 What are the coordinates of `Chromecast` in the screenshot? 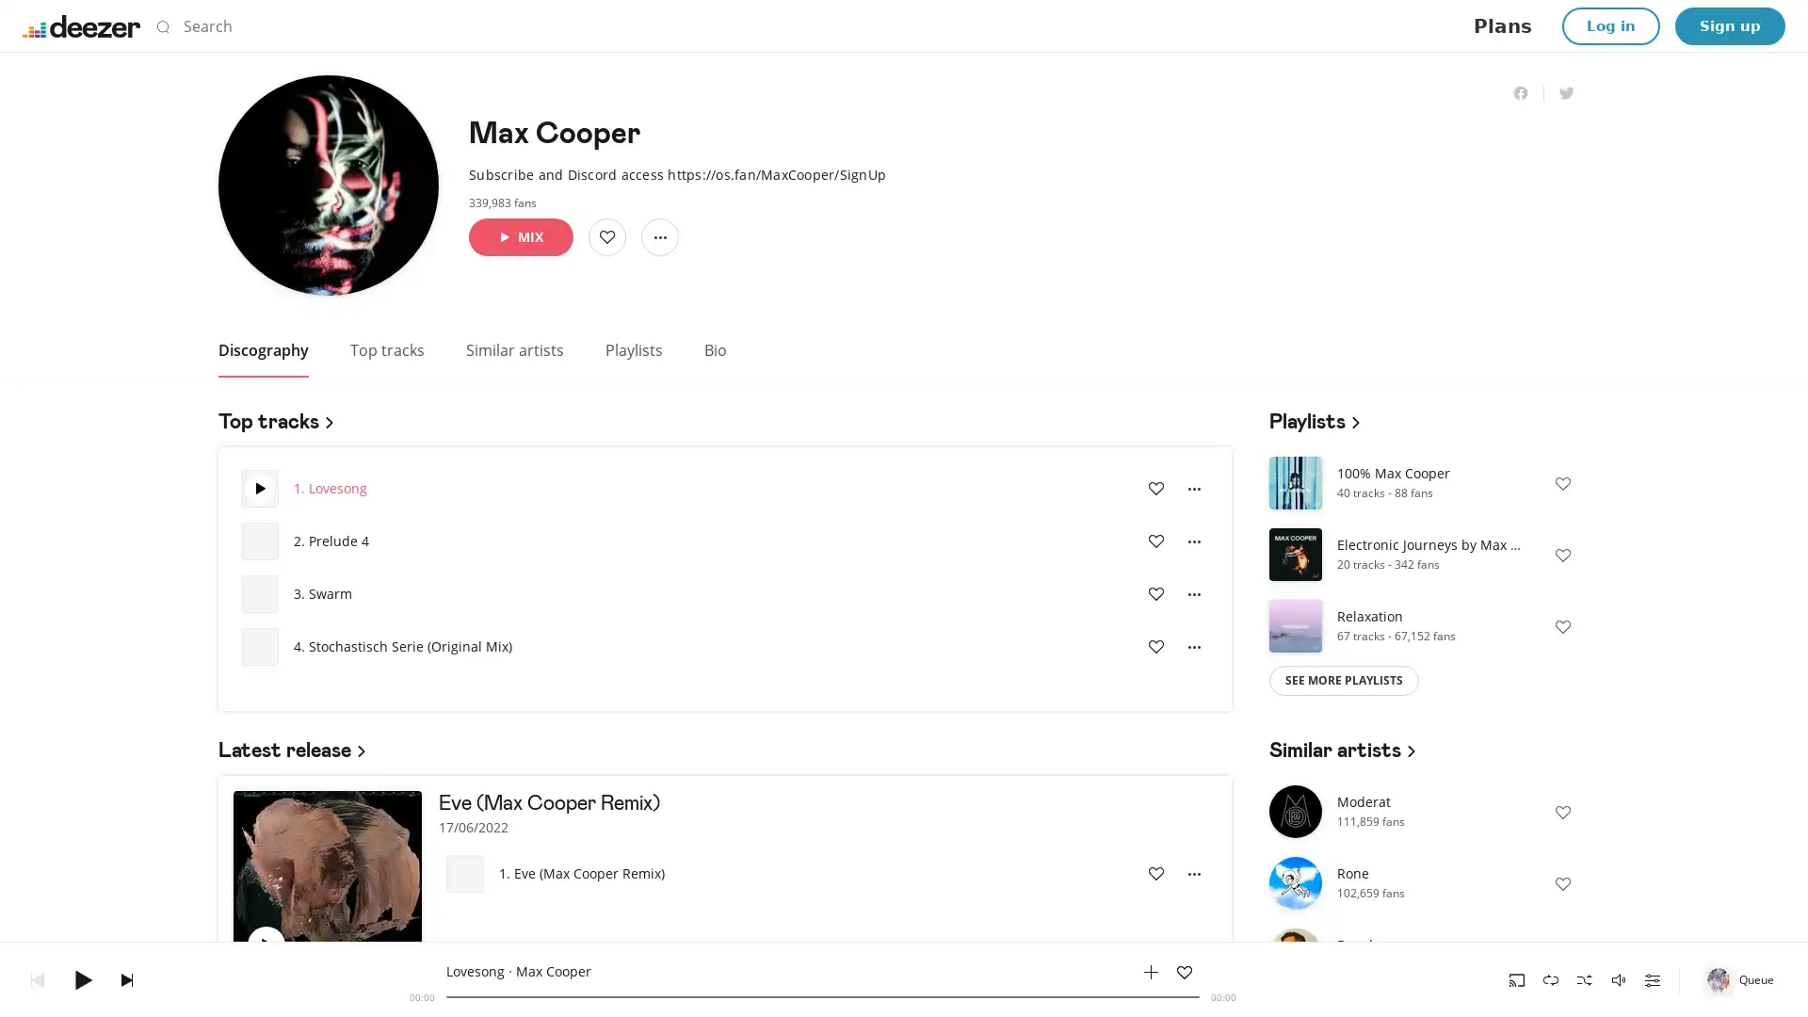 It's located at (1517, 978).